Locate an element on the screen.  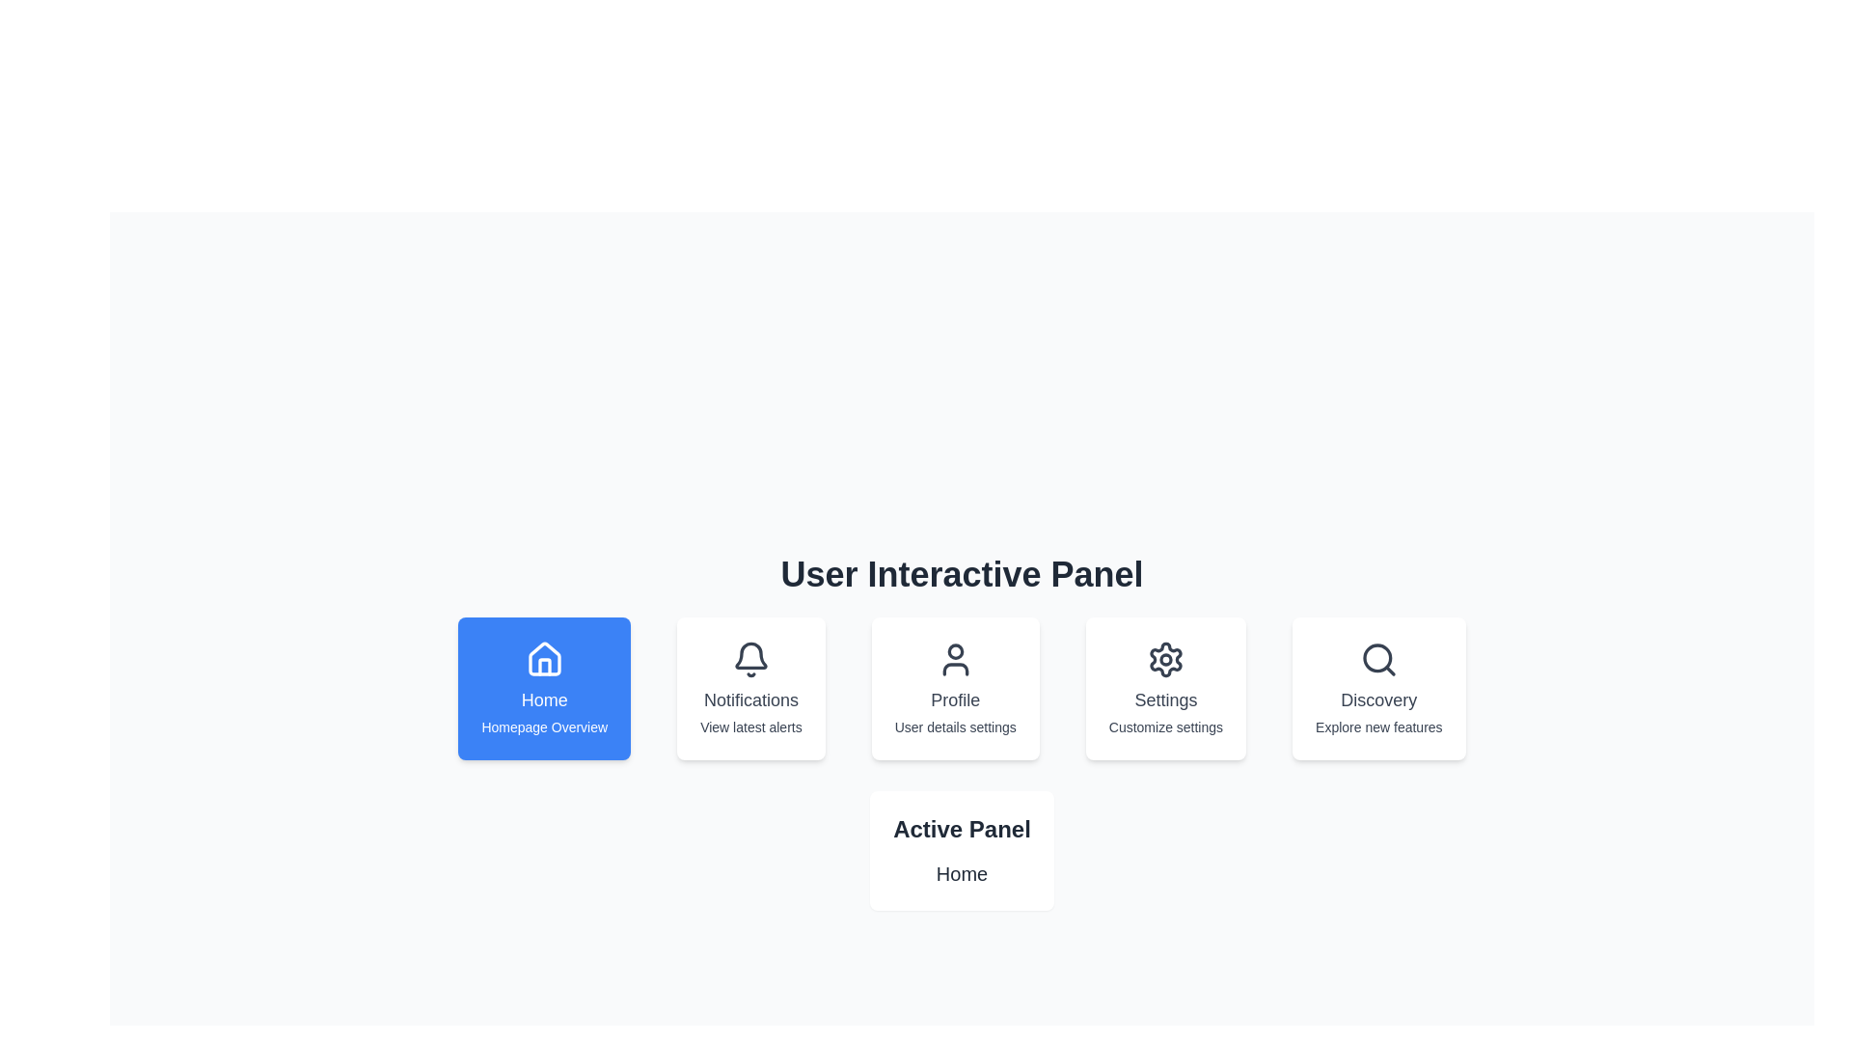
the 'Settings' text label, which indicates the purpose of the 'Settings Customize settings' section and is centrally aligned beneath the gear icon is located at coordinates (1164, 699).